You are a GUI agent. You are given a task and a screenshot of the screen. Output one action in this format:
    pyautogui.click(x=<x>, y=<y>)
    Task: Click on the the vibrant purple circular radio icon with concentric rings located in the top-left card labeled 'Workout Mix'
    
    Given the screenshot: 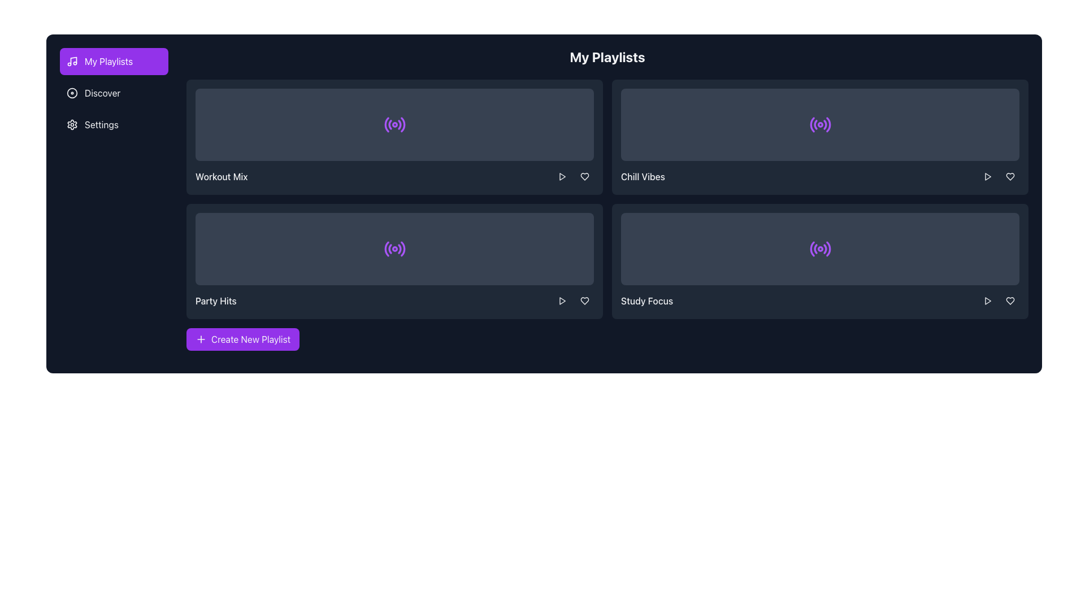 What is the action you would take?
    pyautogui.click(x=394, y=124)
    